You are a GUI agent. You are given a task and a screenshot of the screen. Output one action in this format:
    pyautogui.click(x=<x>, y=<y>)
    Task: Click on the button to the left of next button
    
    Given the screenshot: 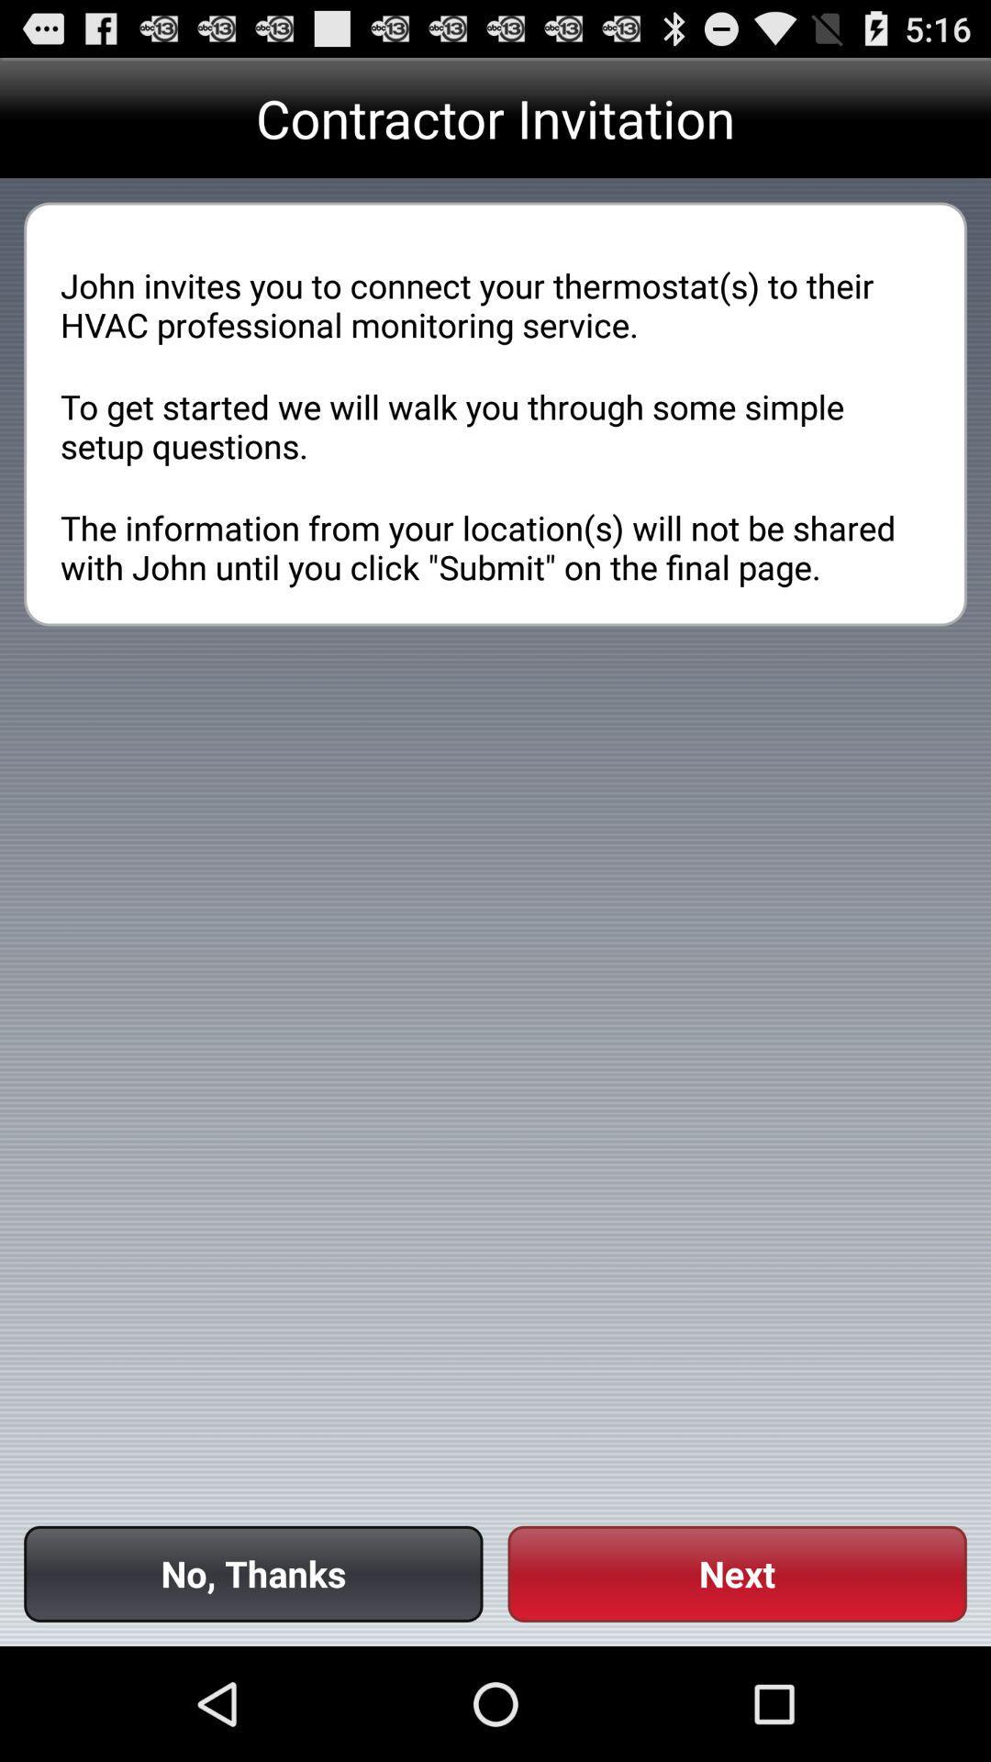 What is the action you would take?
    pyautogui.click(x=253, y=1573)
    